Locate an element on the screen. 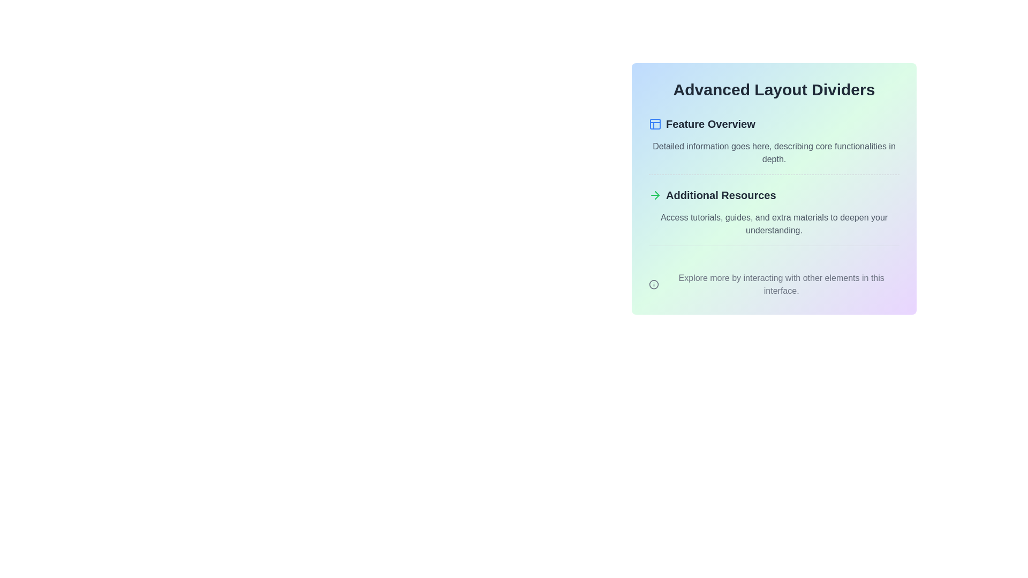 Image resolution: width=1028 pixels, height=578 pixels. the icon representing the 'Feature Overview' section, located to the left of the text caption within the 'Advanced Layout Dividers' card layout is located at coordinates (655, 123).